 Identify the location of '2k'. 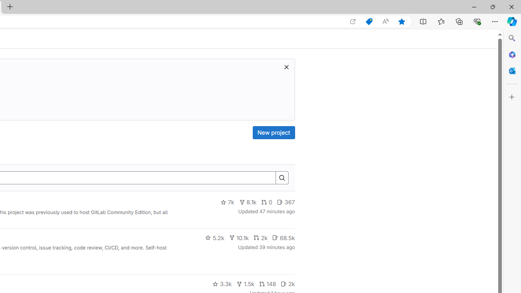
(288, 284).